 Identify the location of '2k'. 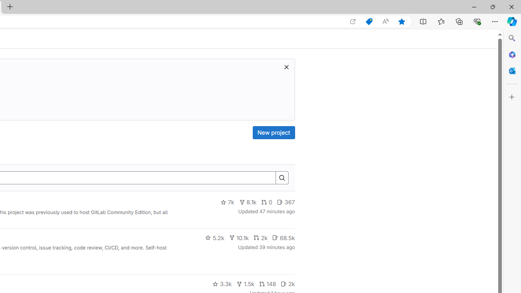
(288, 284).